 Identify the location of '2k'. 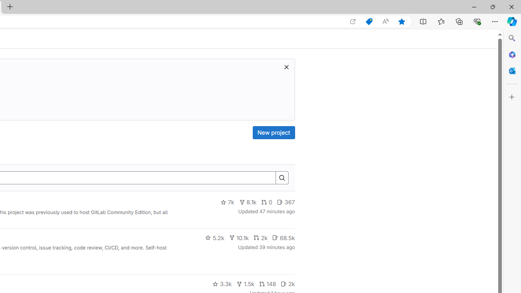
(288, 284).